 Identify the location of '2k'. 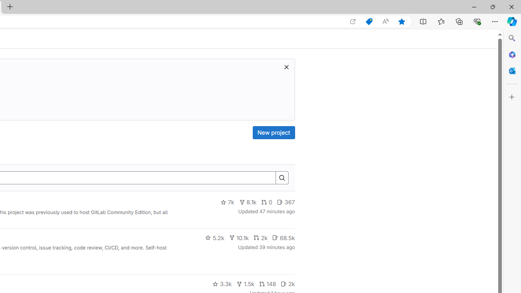
(288, 284).